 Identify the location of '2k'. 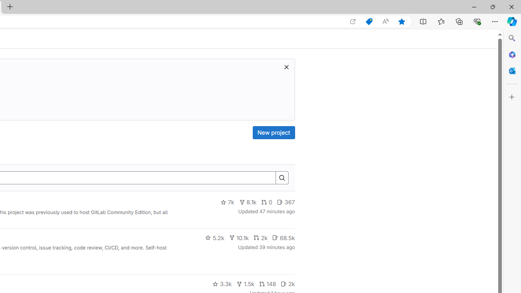
(288, 284).